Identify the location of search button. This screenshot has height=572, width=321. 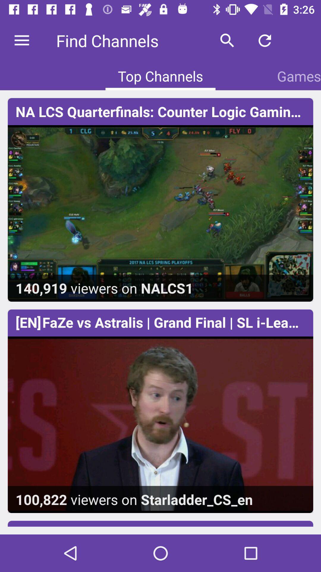
(227, 41).